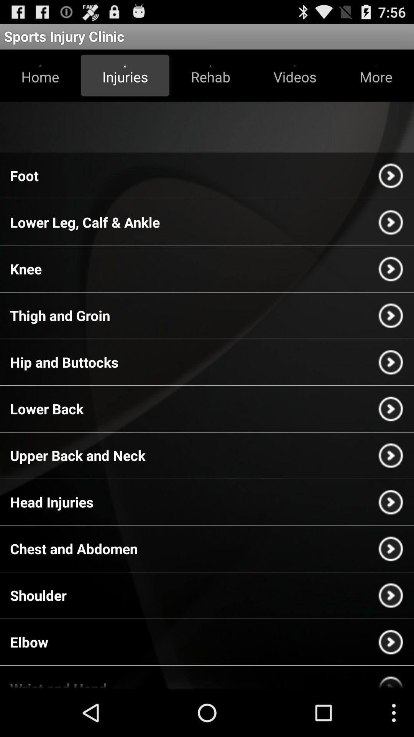 The width and height of the screenshot is (414, 737). Describe the element at coordinates (25, 269) in the screenshot. I see `knee` at that location.